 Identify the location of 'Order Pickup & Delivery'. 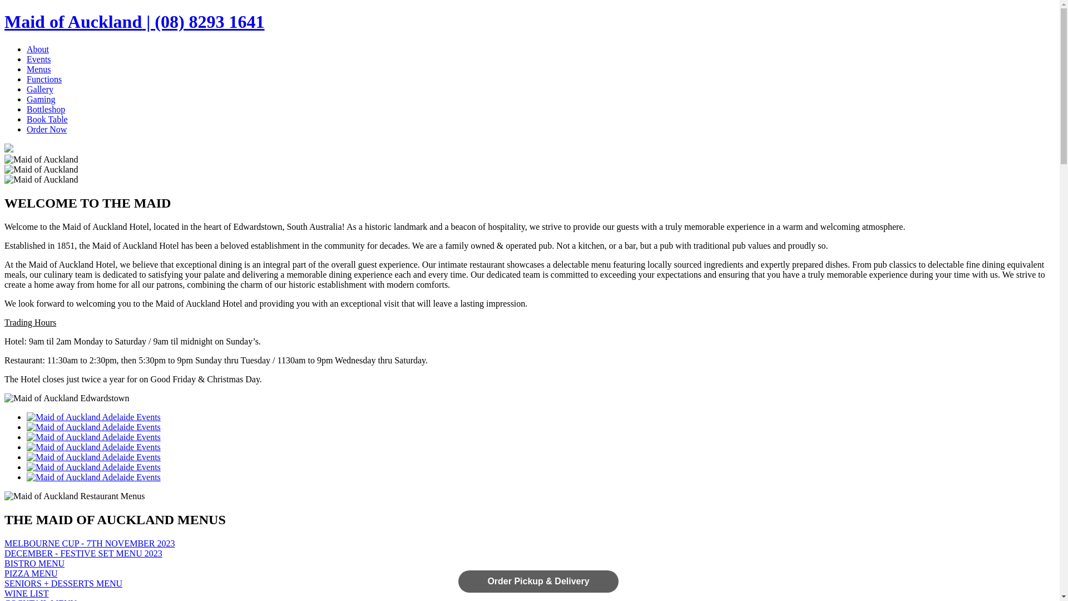
(458, 580).